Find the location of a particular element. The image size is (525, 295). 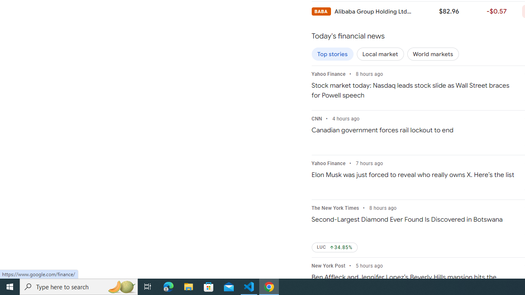

'Local market' is located at coordinates (380, 54).